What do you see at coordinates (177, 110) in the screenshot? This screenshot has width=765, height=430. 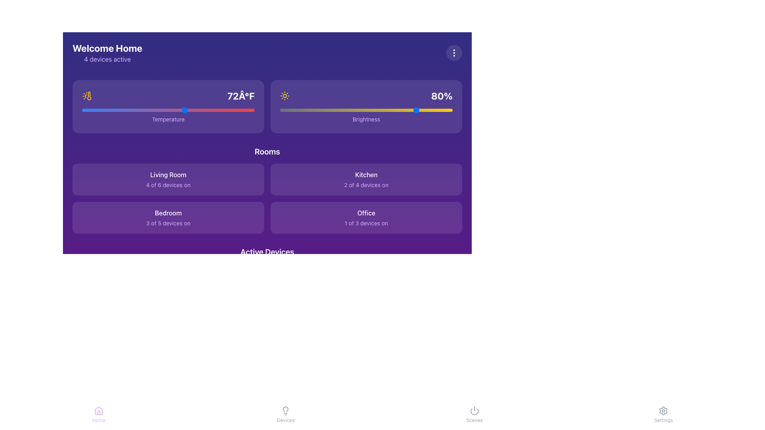 I see `the temperature` at bounding box center [177, 110].